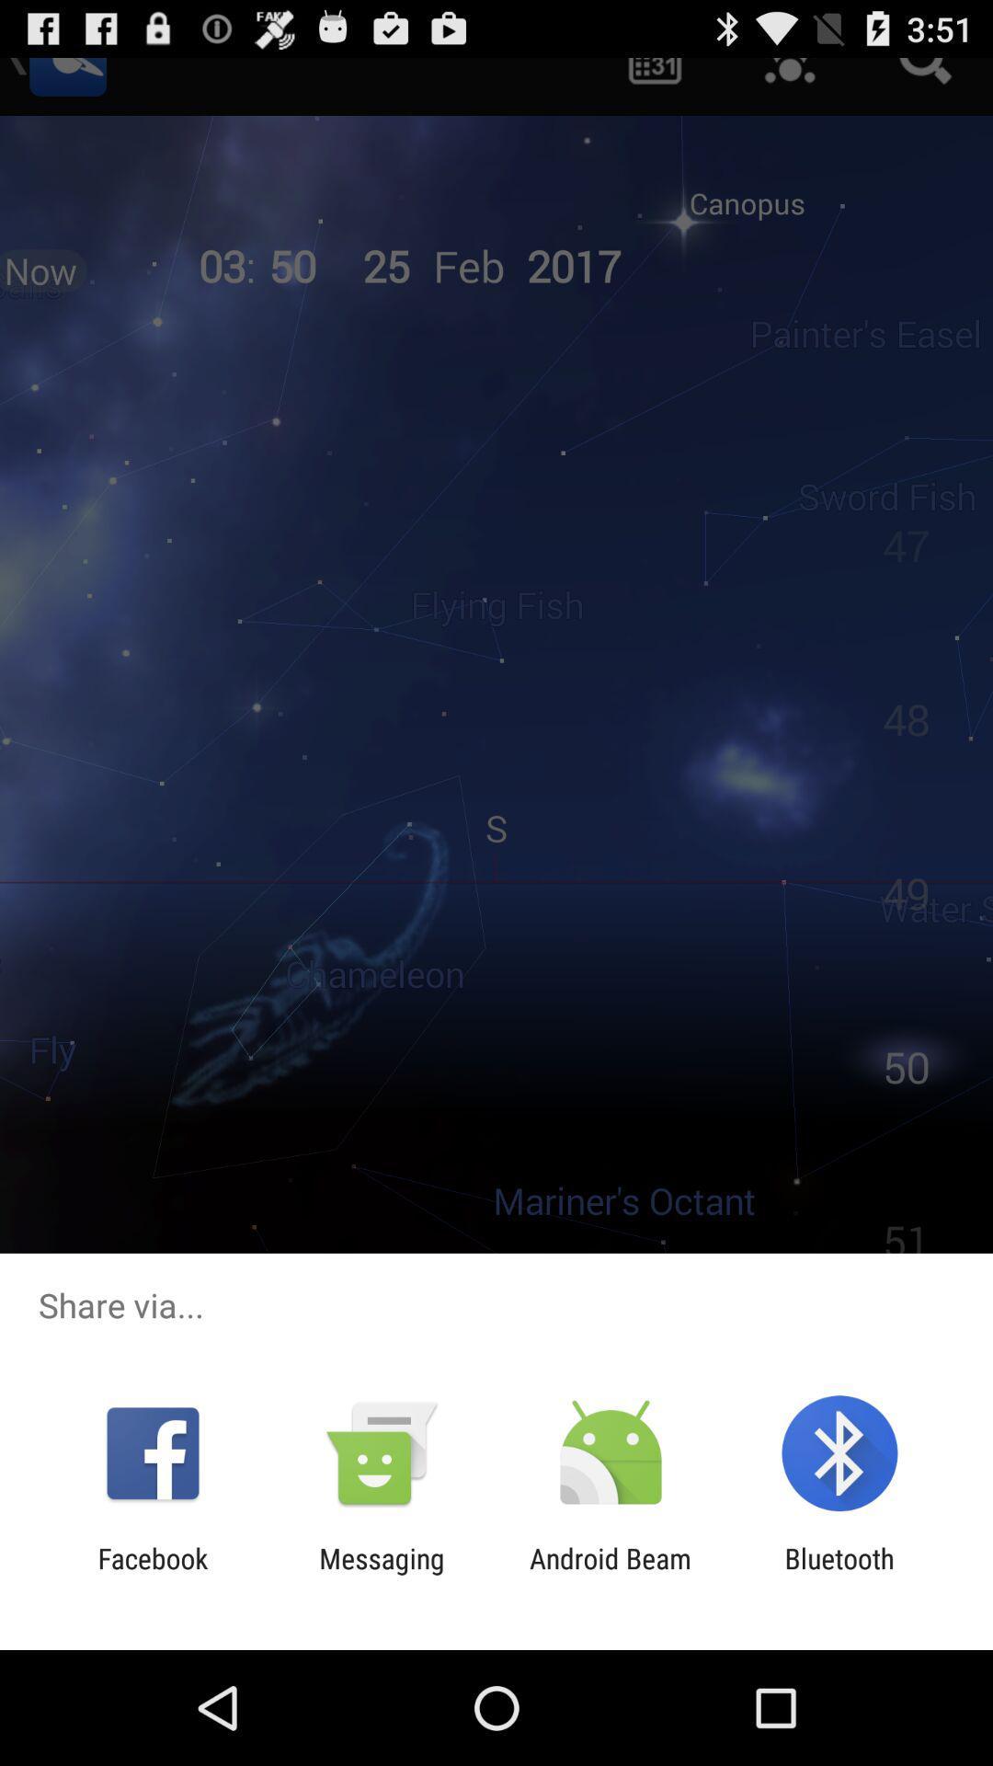 The image size is (993, 1766). What do you see at coordinates (839, 1574) in the screenshot?
I see `app next to the android beam item` at bounding box center [839, 1574].